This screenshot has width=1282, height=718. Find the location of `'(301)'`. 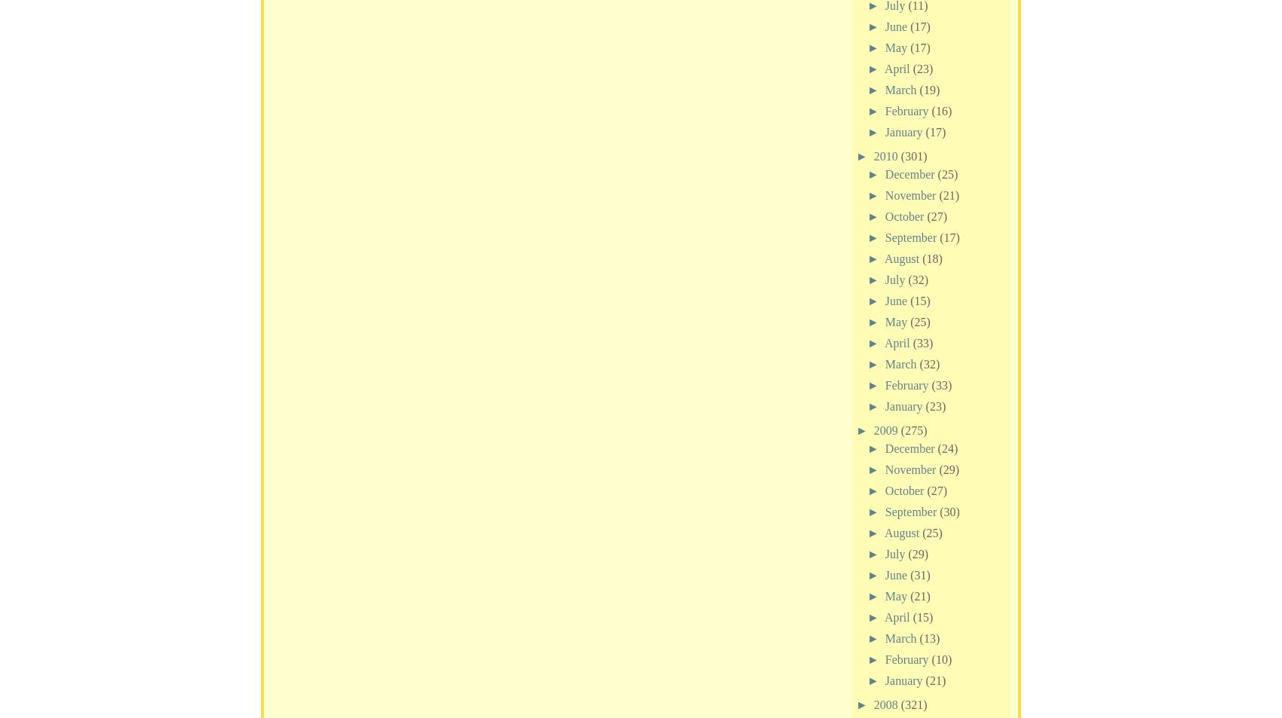

'(301)' is located at coordinates (912, 154).